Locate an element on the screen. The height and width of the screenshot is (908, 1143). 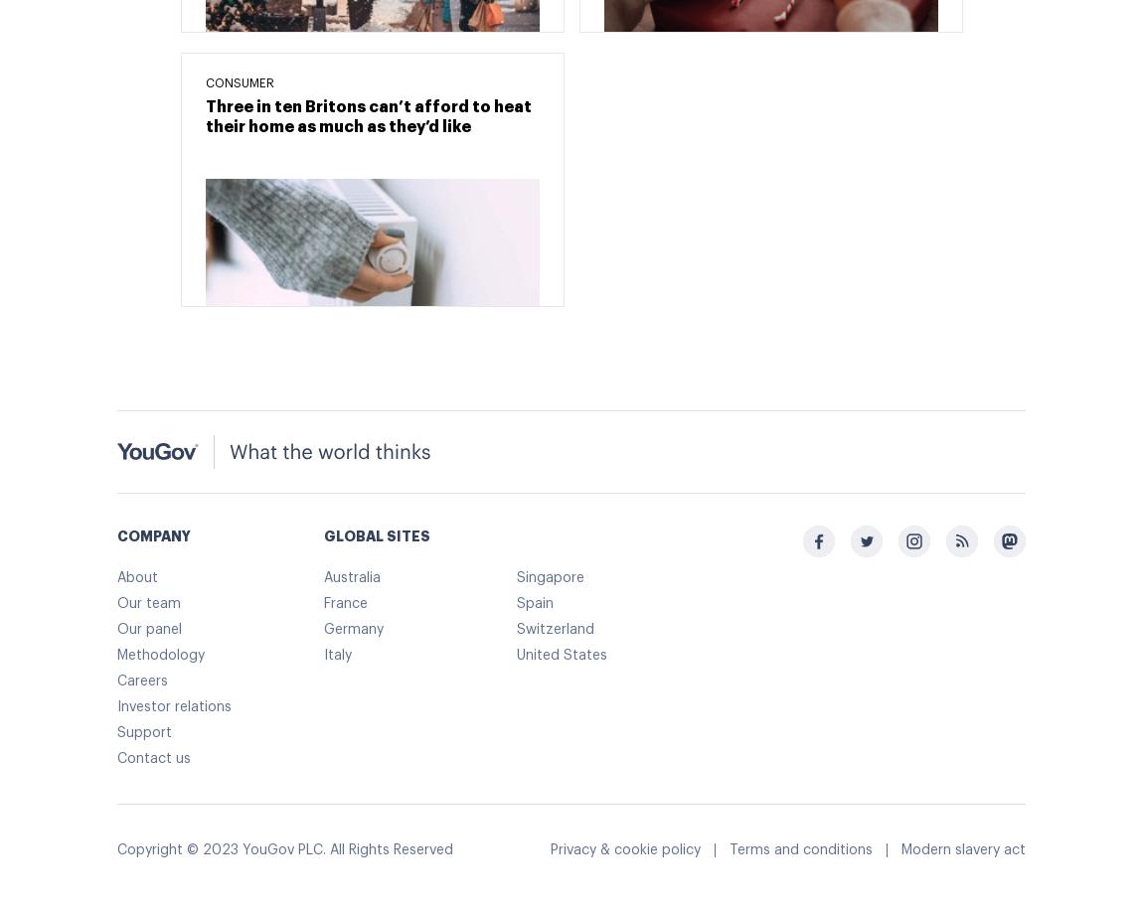
'COMPANY' is located at coordinates (153, 533).